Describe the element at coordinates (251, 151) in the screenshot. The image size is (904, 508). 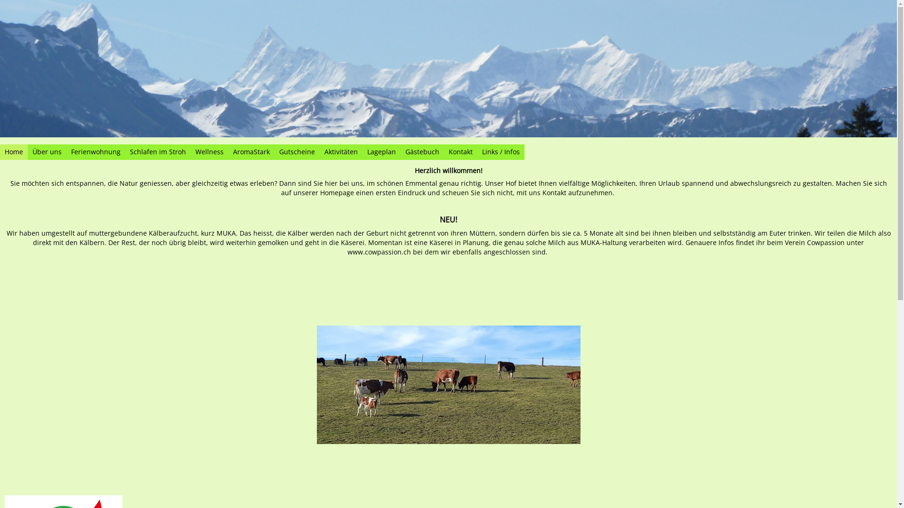
I see `'AromaStark'` at that location.